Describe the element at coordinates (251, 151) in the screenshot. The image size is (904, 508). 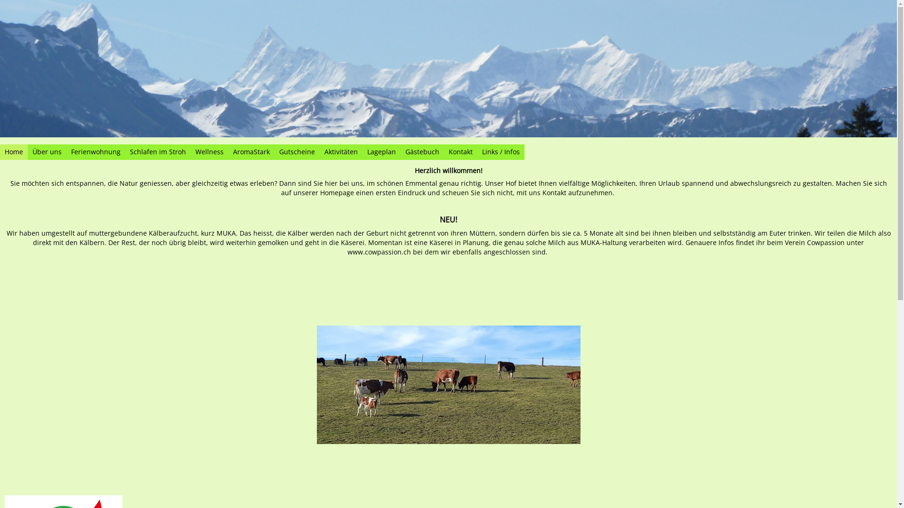
I see `'AromaStark'` at that location.